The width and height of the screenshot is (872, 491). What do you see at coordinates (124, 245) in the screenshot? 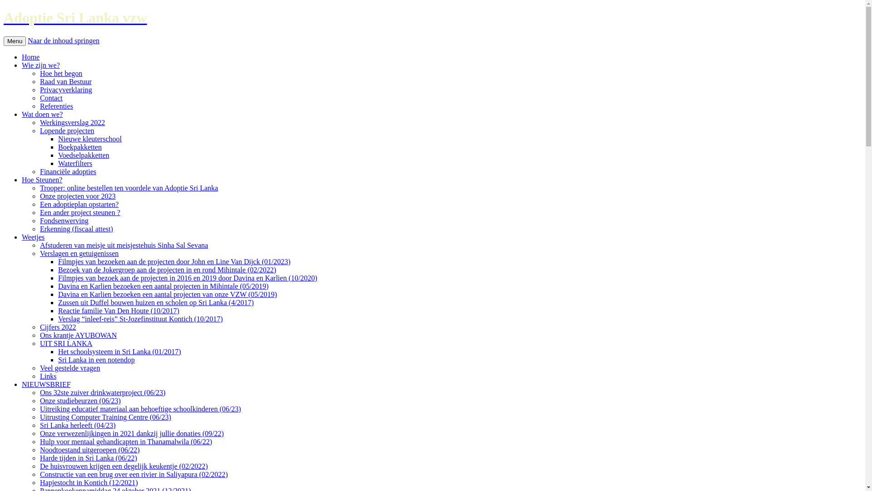
I see `'Afstuderen van meisje uit meisjestehuis Sinha Sal Sevana'` at bounding box center [124, 245].